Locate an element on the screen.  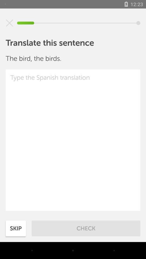
skip is located at coordinates (16, 228).